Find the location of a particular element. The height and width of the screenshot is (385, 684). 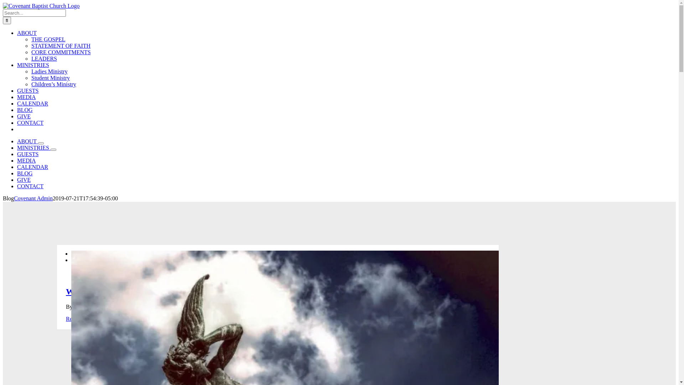

'MEDIA' is located at coordinates (17, 97).